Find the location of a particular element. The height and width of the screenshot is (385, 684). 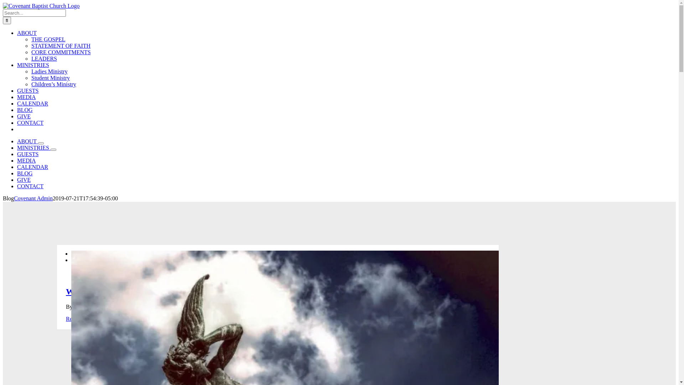

'MEDIA' is located at coordinates (17, 97).